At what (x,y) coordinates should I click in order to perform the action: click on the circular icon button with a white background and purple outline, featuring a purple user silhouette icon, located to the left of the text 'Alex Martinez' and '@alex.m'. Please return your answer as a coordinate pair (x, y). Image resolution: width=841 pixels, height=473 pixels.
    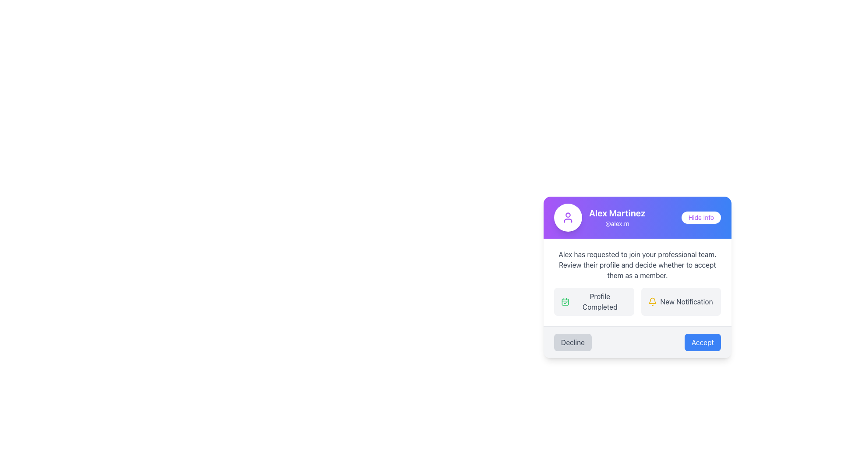
    Looking at the image, I should click on (568, 217).